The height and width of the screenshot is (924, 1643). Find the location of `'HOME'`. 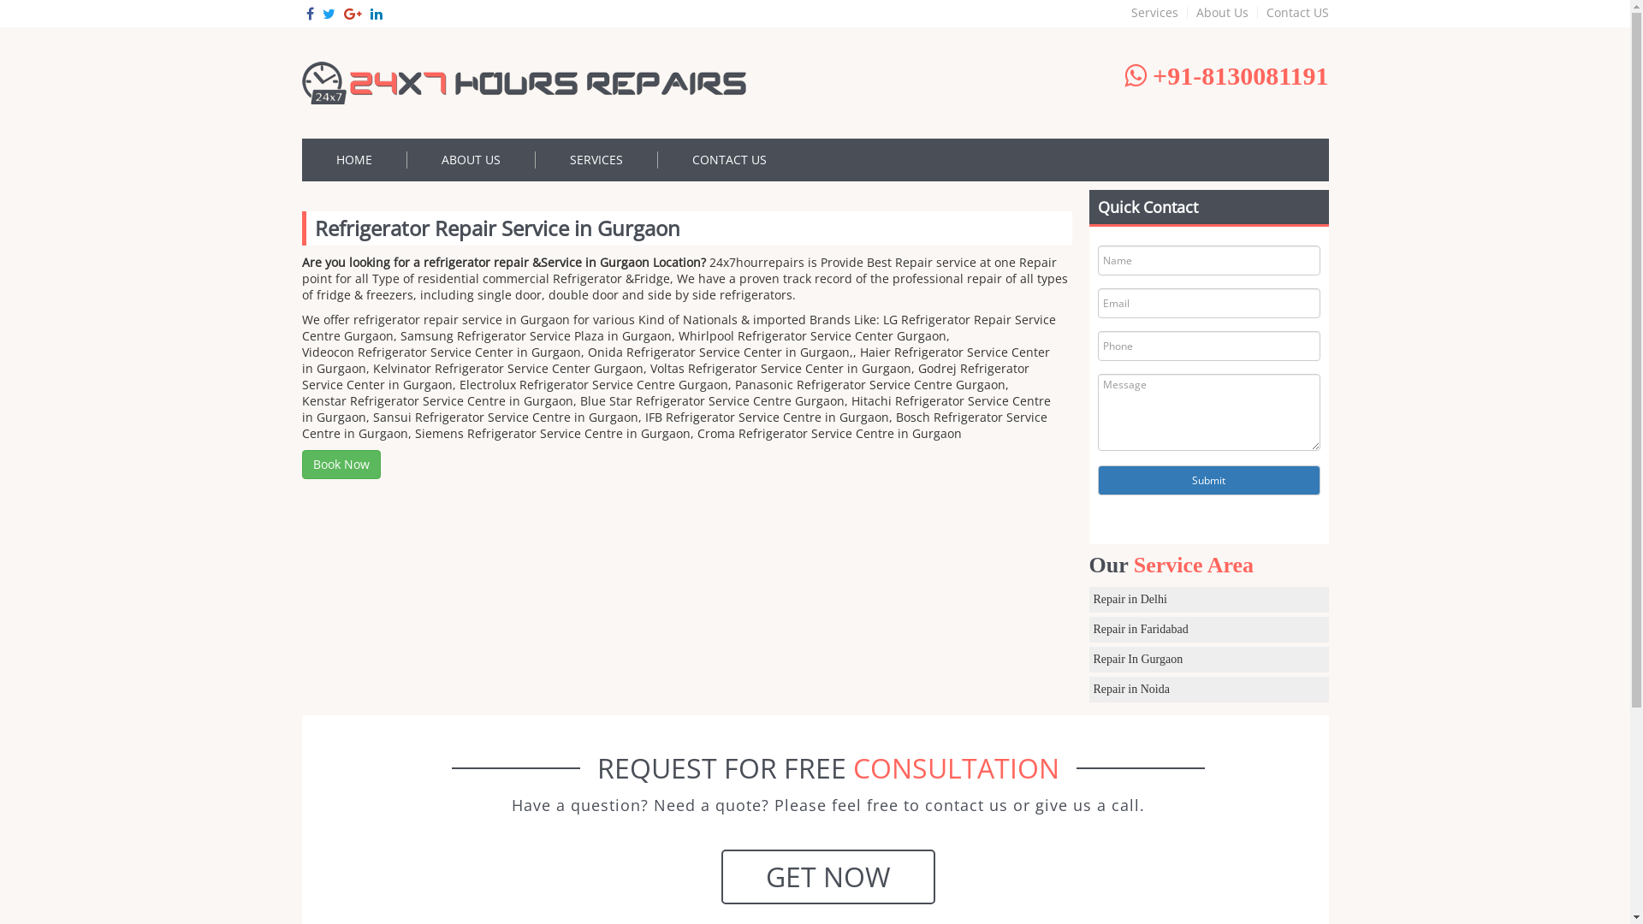

'HOME' is located at coordinates (353, 159).